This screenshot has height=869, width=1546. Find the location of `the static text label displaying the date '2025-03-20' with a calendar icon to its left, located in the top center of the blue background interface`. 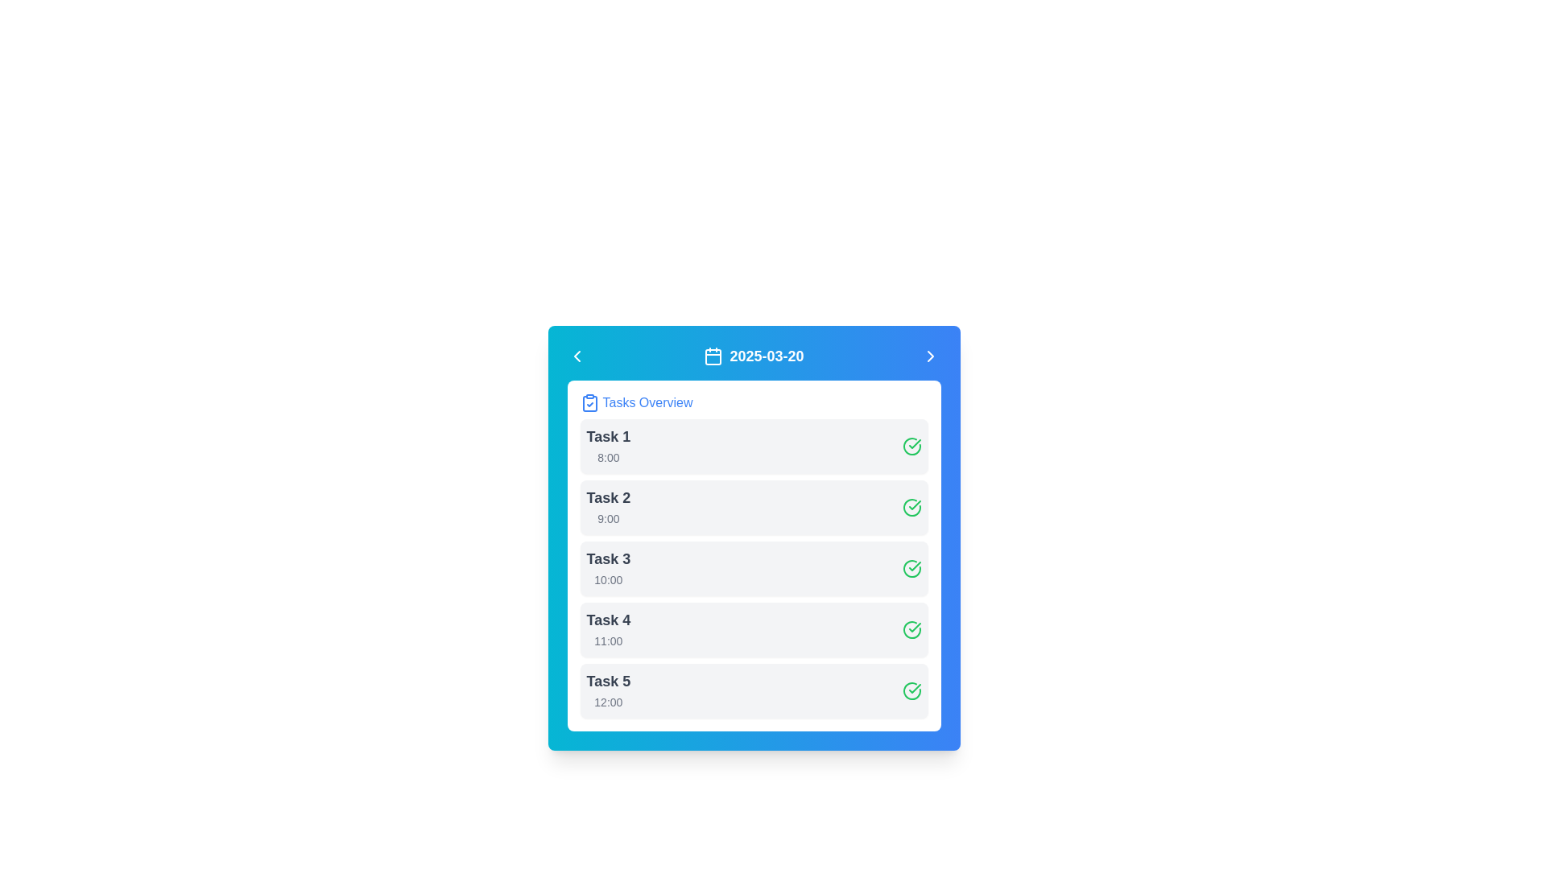

the static text label displaying the date '2025-03-20' with a calendar icon to its left, located in the top center of the blue background interface is located at coordinates (753, 356).